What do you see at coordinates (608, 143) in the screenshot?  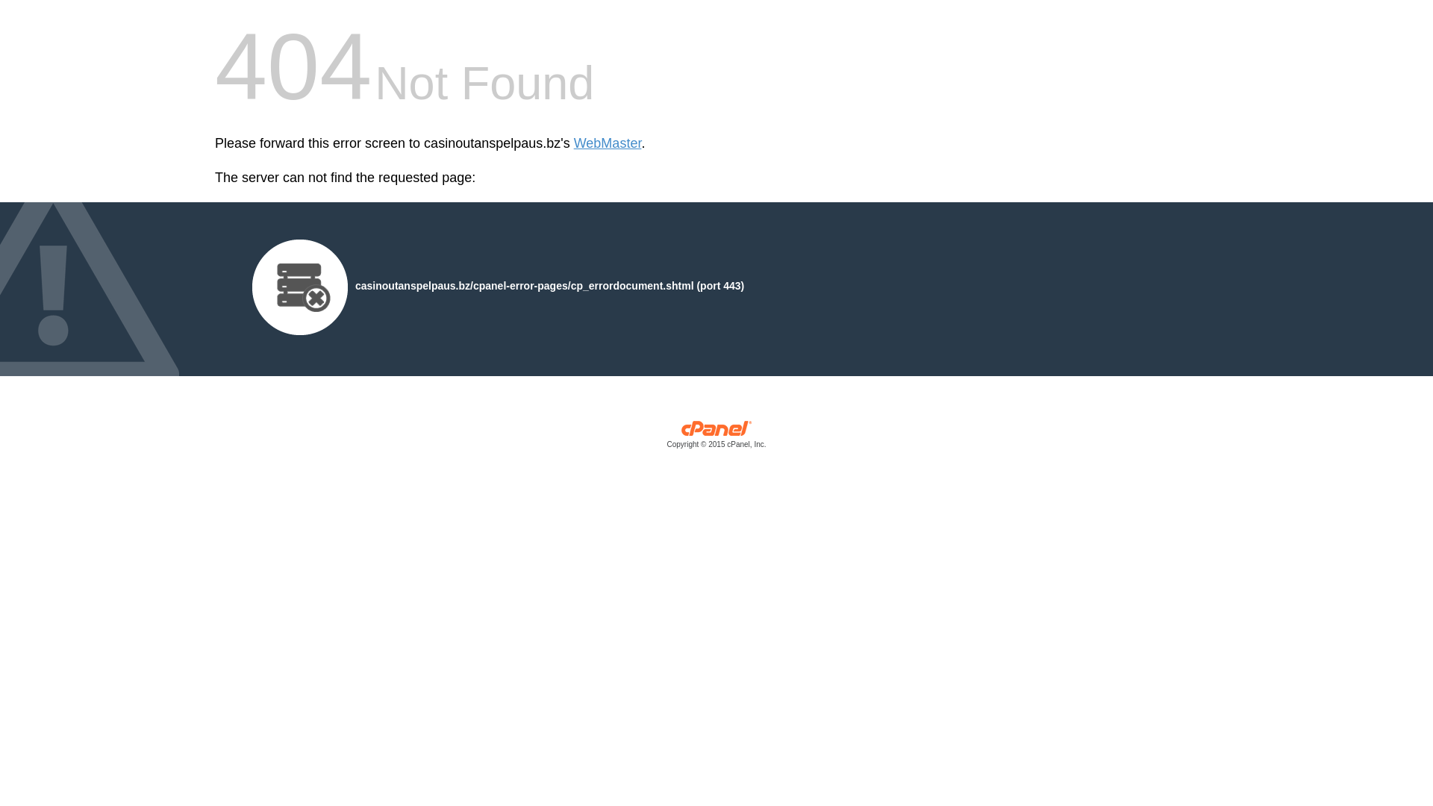 I see `'WebMaster'` at bounding box center [608, 143].